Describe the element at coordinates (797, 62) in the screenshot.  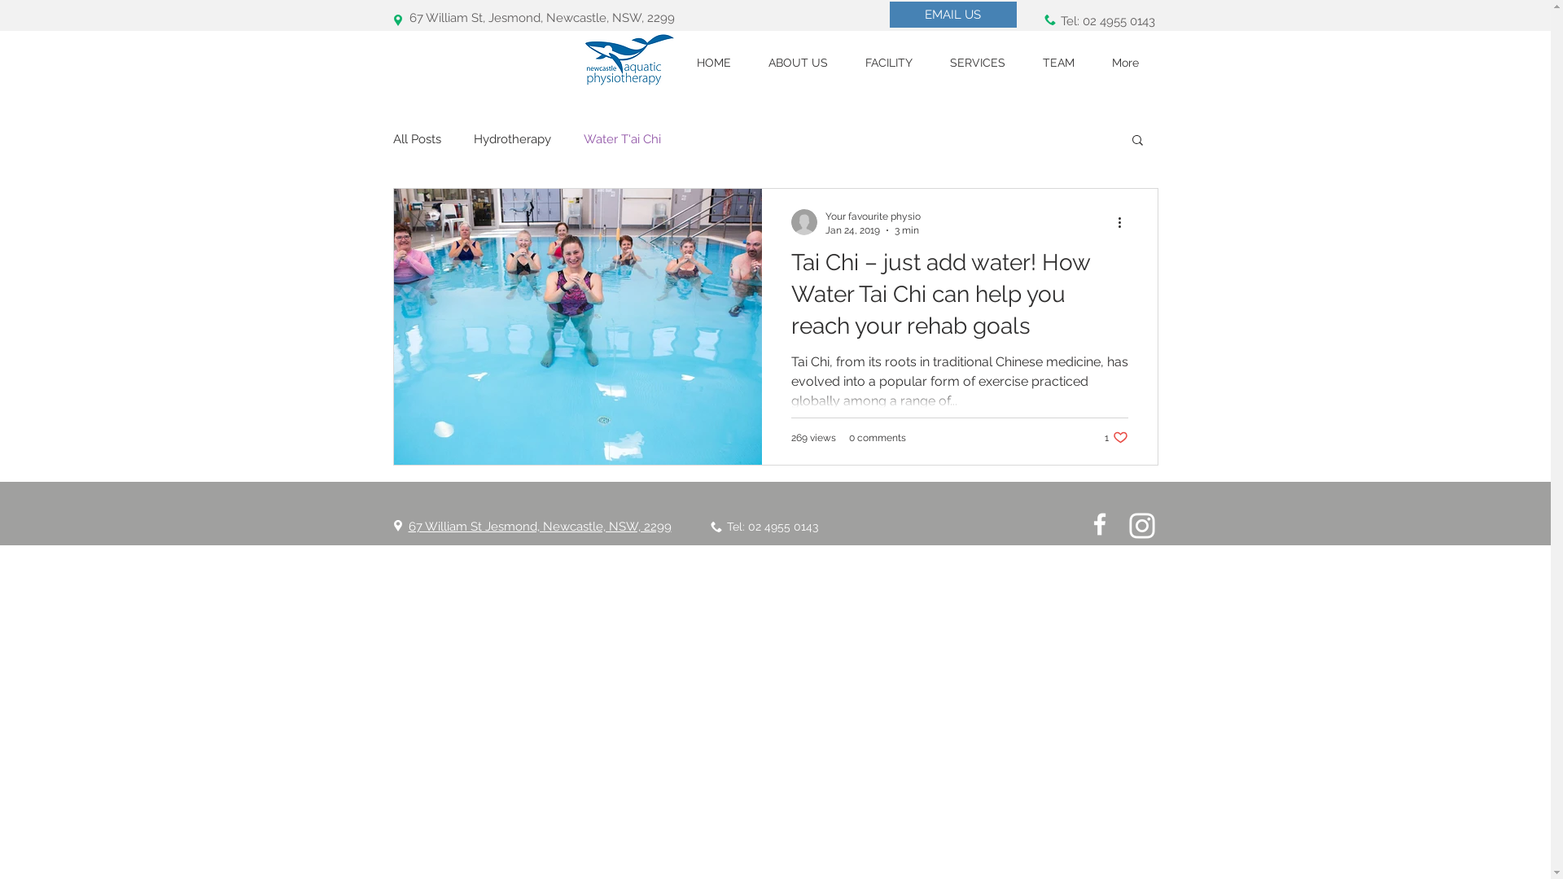
I see `'ABOUT US'` at that location.